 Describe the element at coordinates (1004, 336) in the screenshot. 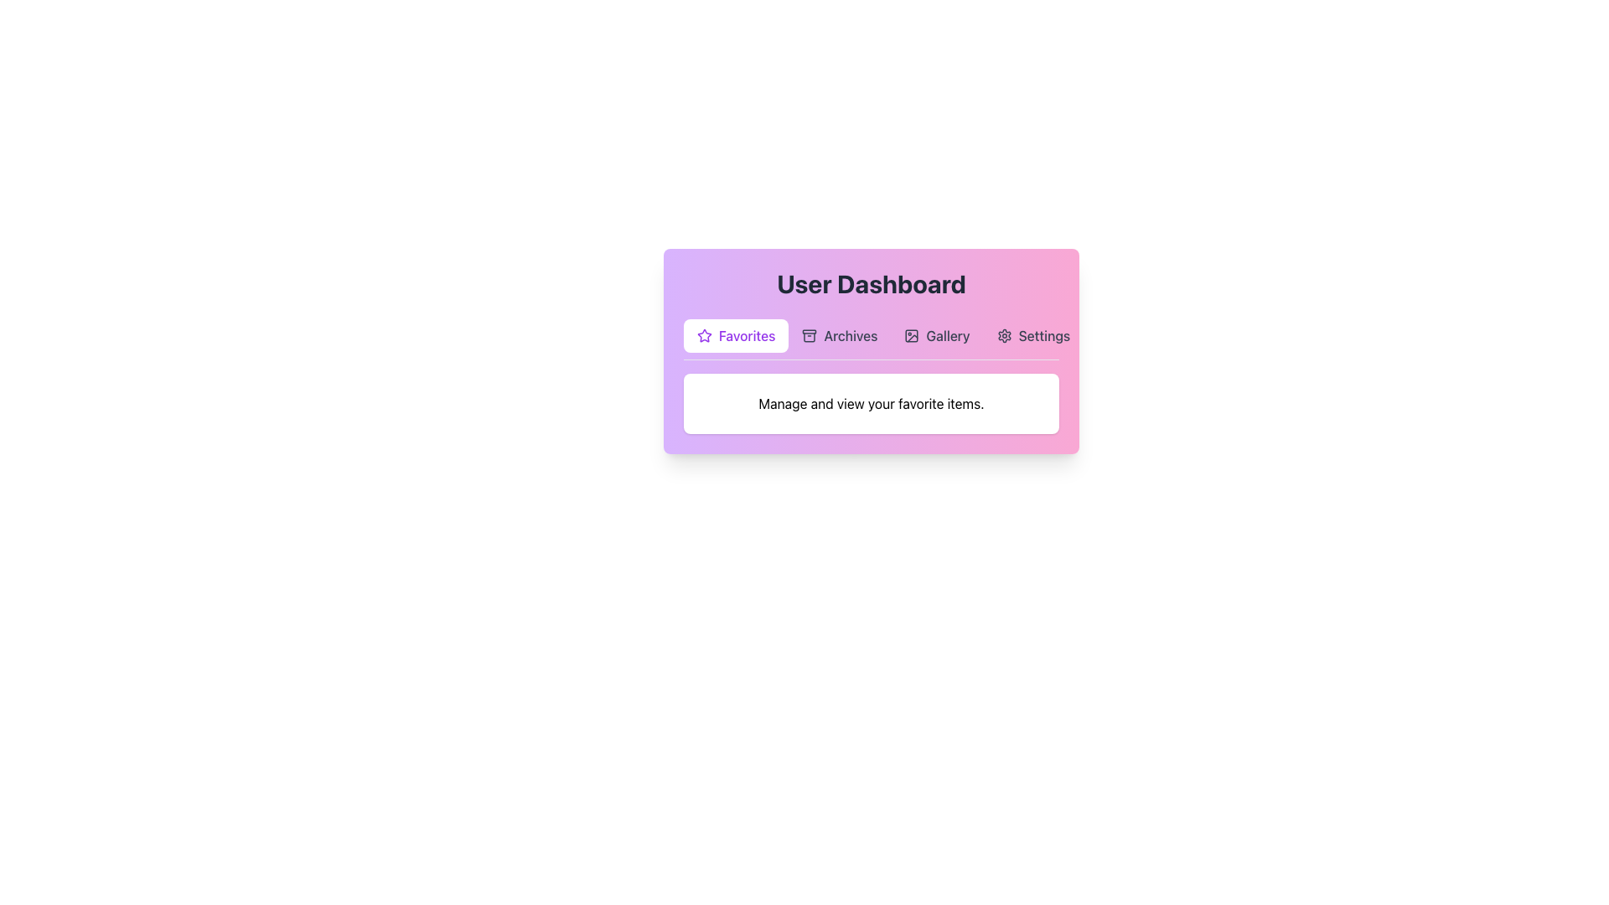

I see `the gear icon representing the 'Settings' menu, which is characterized by its circular shape with cogs` at that location.